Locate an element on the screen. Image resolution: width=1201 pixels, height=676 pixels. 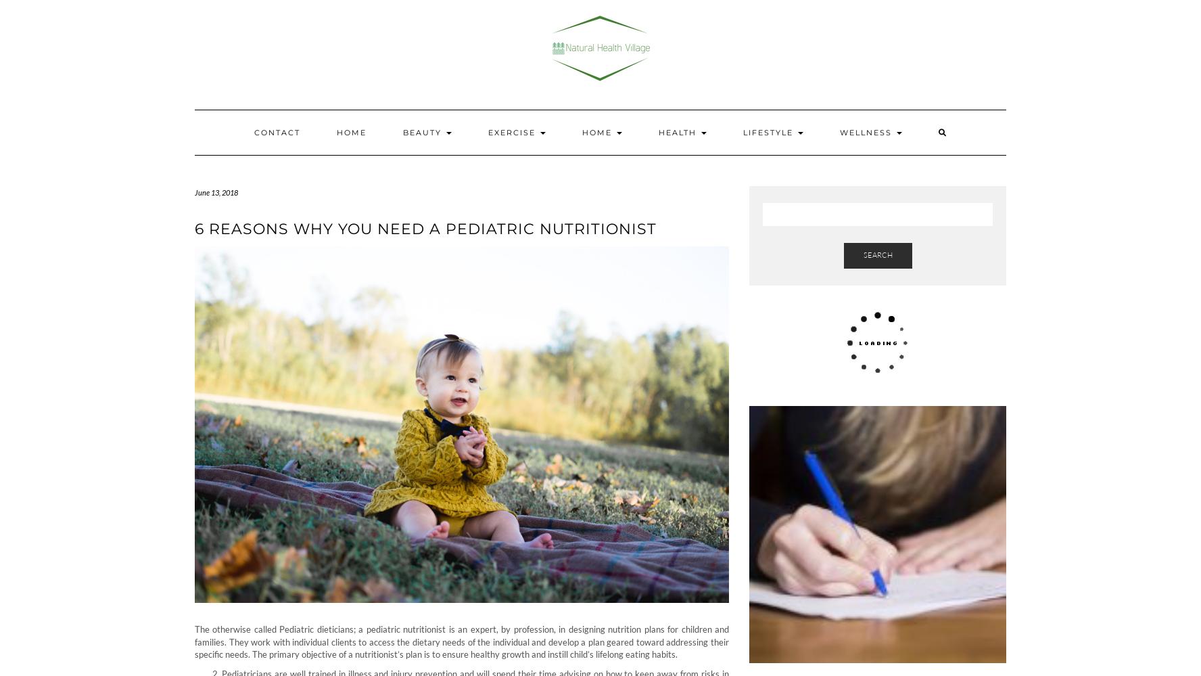
'Wellness' is located at coordinates (866, 132).